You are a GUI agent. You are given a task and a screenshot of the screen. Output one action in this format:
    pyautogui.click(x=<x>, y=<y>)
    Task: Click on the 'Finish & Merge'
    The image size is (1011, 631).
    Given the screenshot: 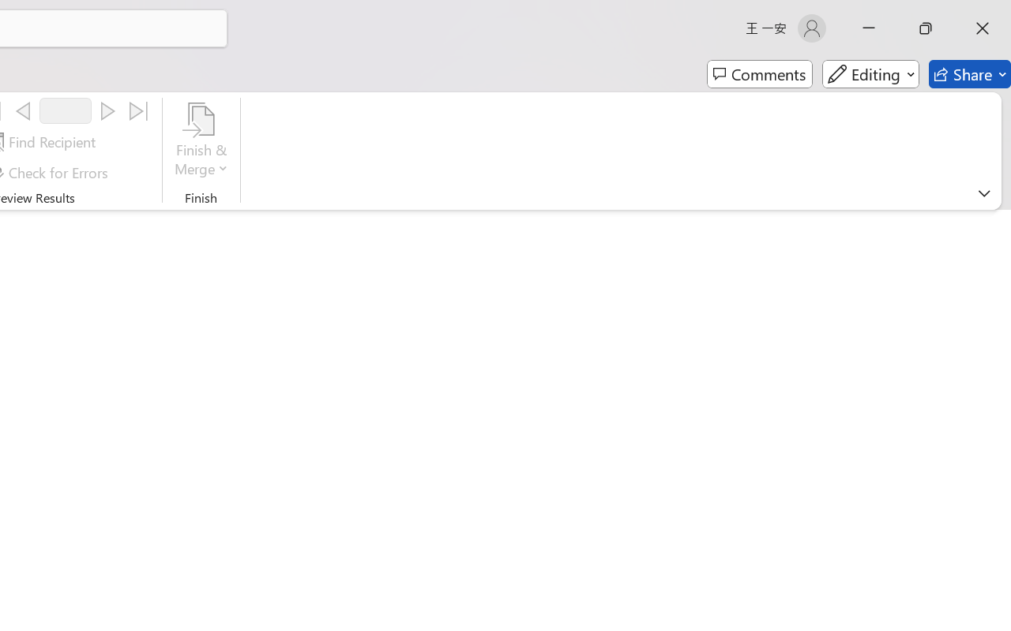 What is the action you would take?
    pyautogui.click(x=201, y=141)
    